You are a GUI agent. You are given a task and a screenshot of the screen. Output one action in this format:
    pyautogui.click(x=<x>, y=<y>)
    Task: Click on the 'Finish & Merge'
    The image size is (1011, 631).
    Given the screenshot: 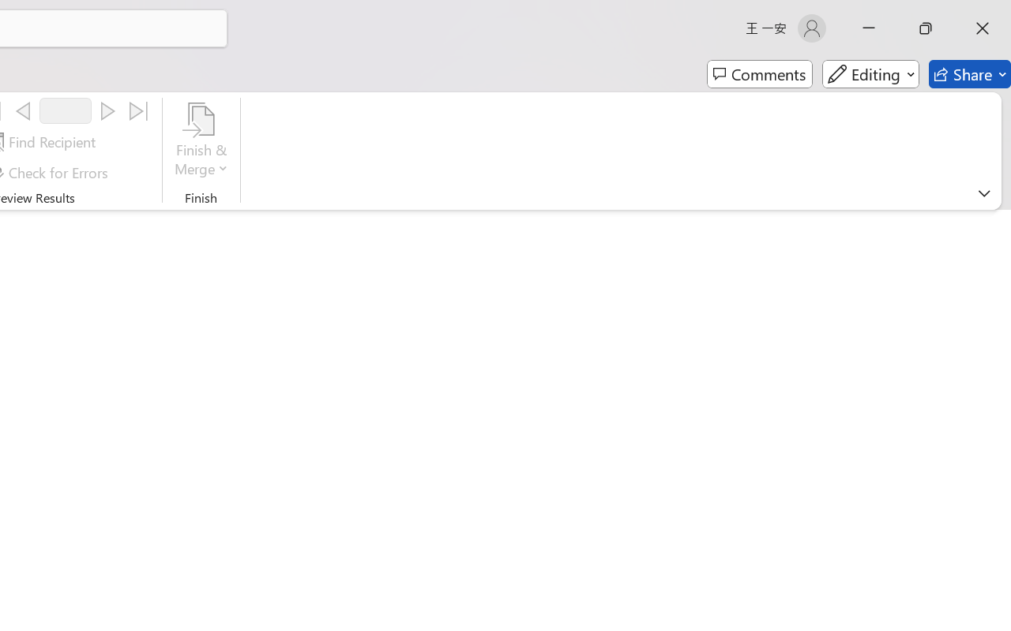 What is the action you would take?
    pyautogui.click(x=201, y=141)
    